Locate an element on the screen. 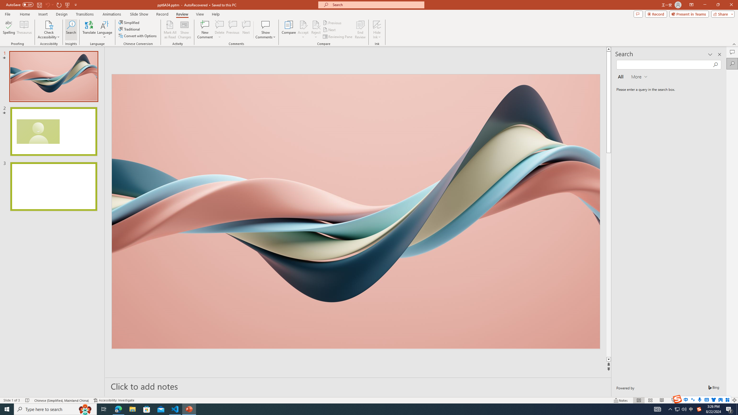 The image size is (738, 415). 'Traditional' is located at coordinates (129, 29).